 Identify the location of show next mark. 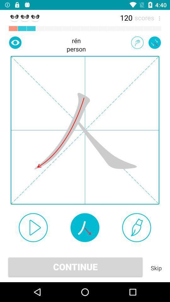
(15, 42).